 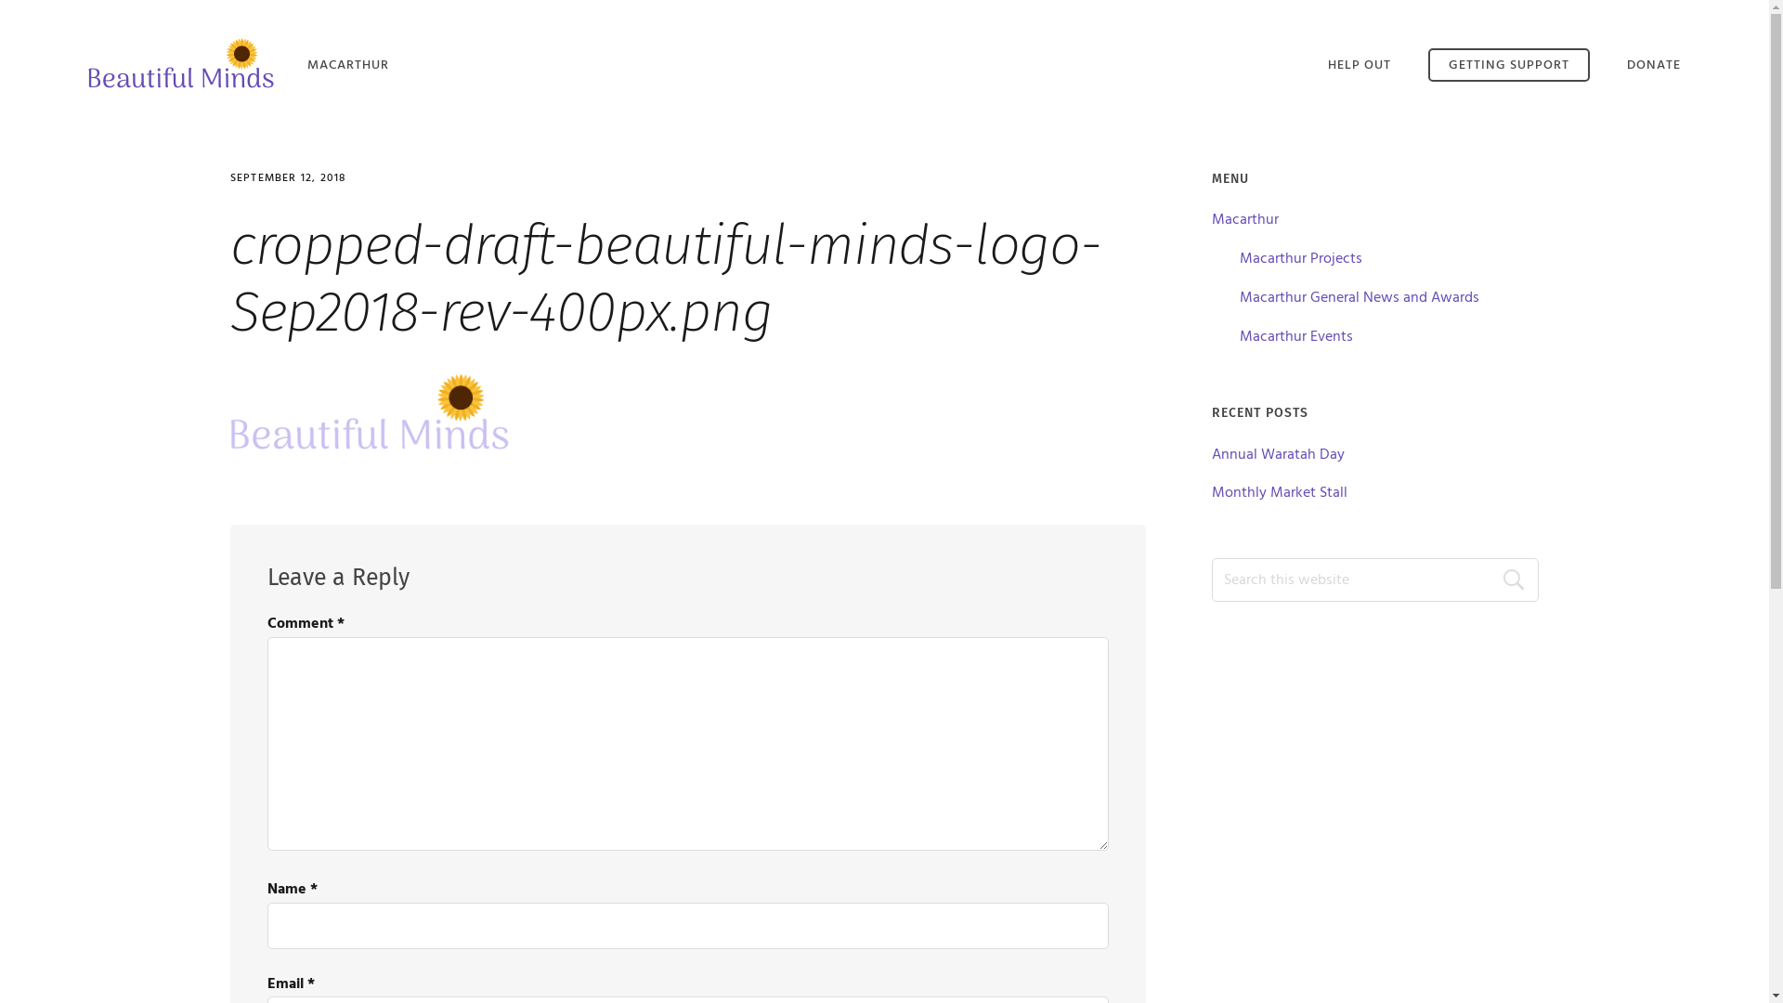 What do you see at coordinates (1244, 218) in the screenshot?
I see `'Macarthur'` at bounding box center [1244, 218].